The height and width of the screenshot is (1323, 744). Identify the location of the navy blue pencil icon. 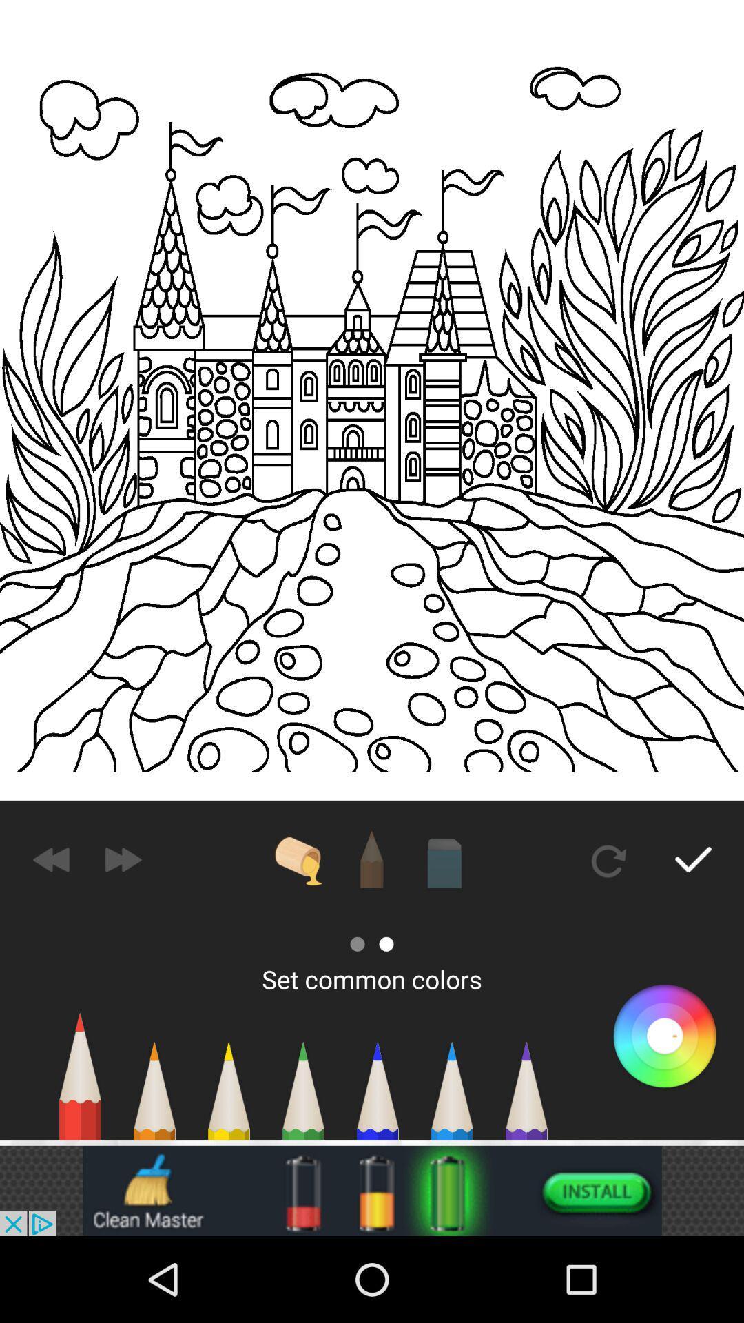
(378, 1097).